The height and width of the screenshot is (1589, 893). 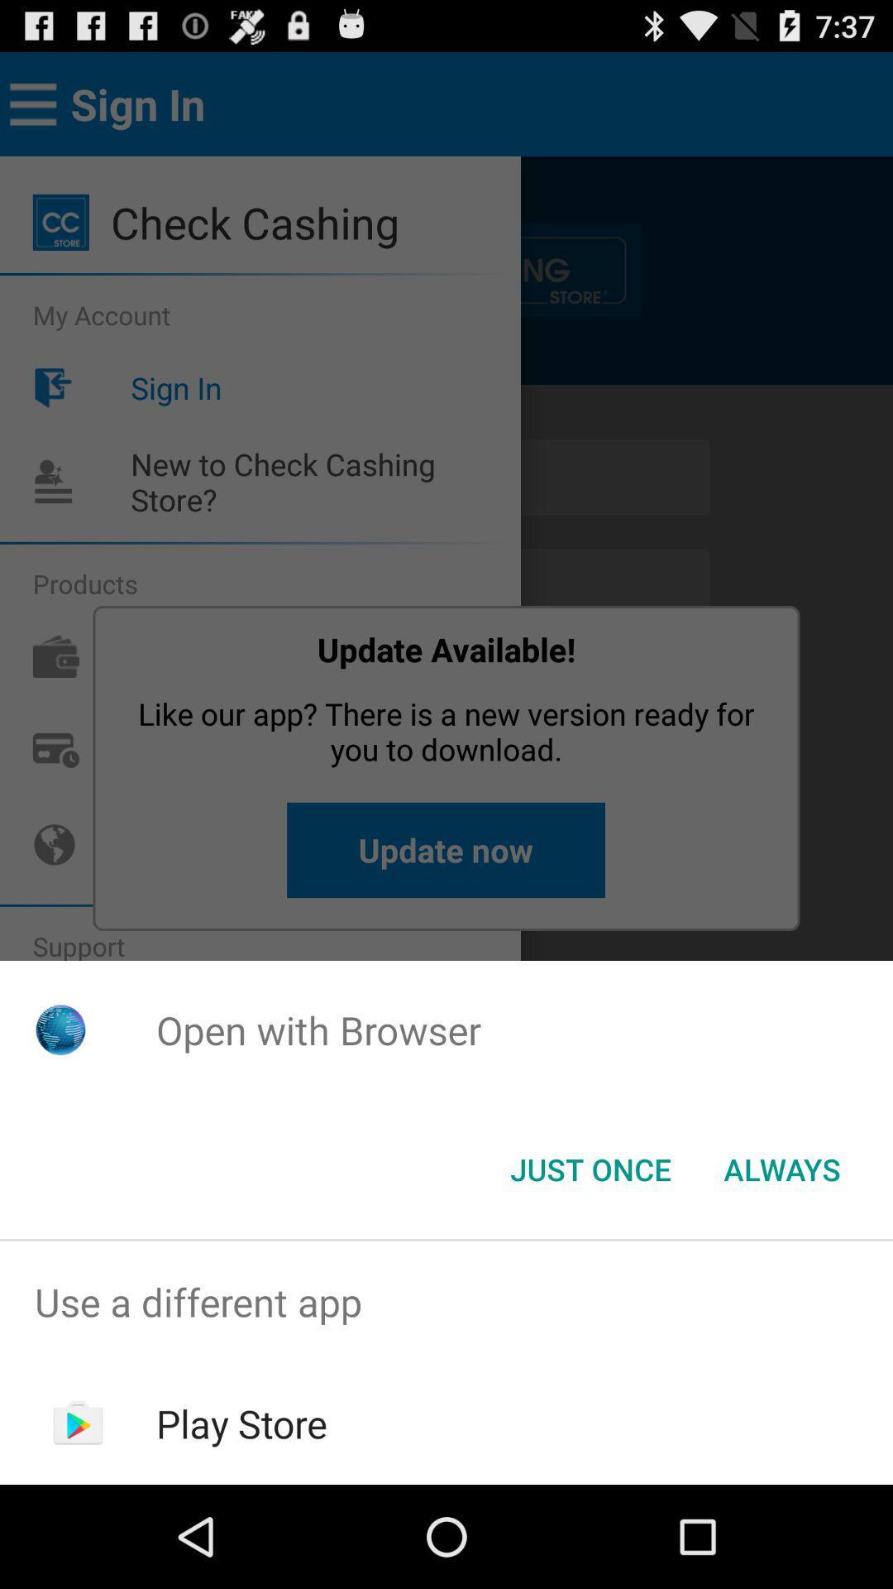 I want to click on use a different icon, so click(x=446, y=1301).